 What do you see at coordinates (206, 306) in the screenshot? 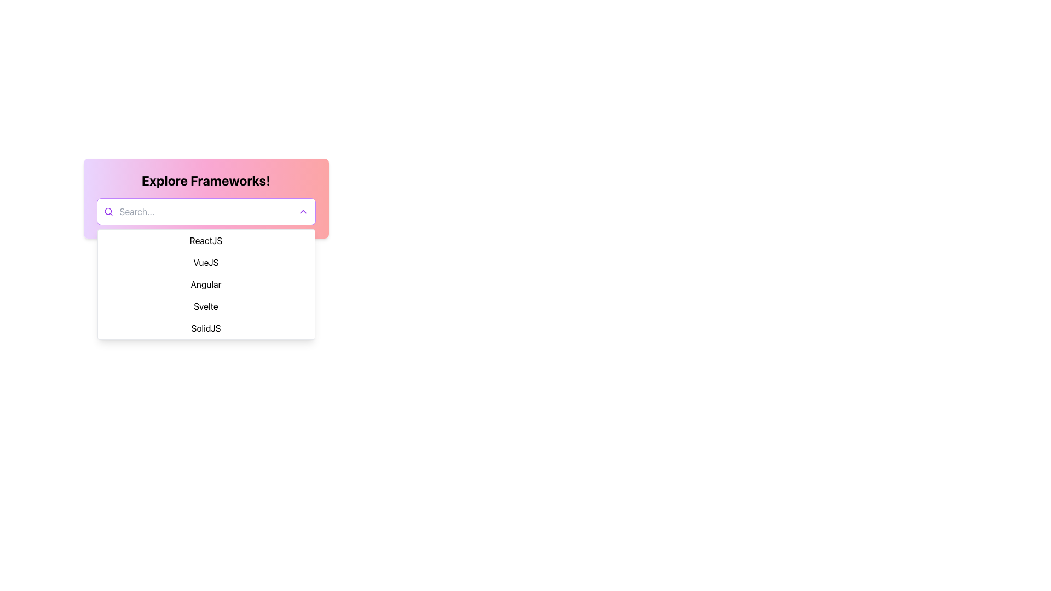
I see `the selectable list item containing the text 'Svelte' in the dropdown list` at bounding box center [206, 306].